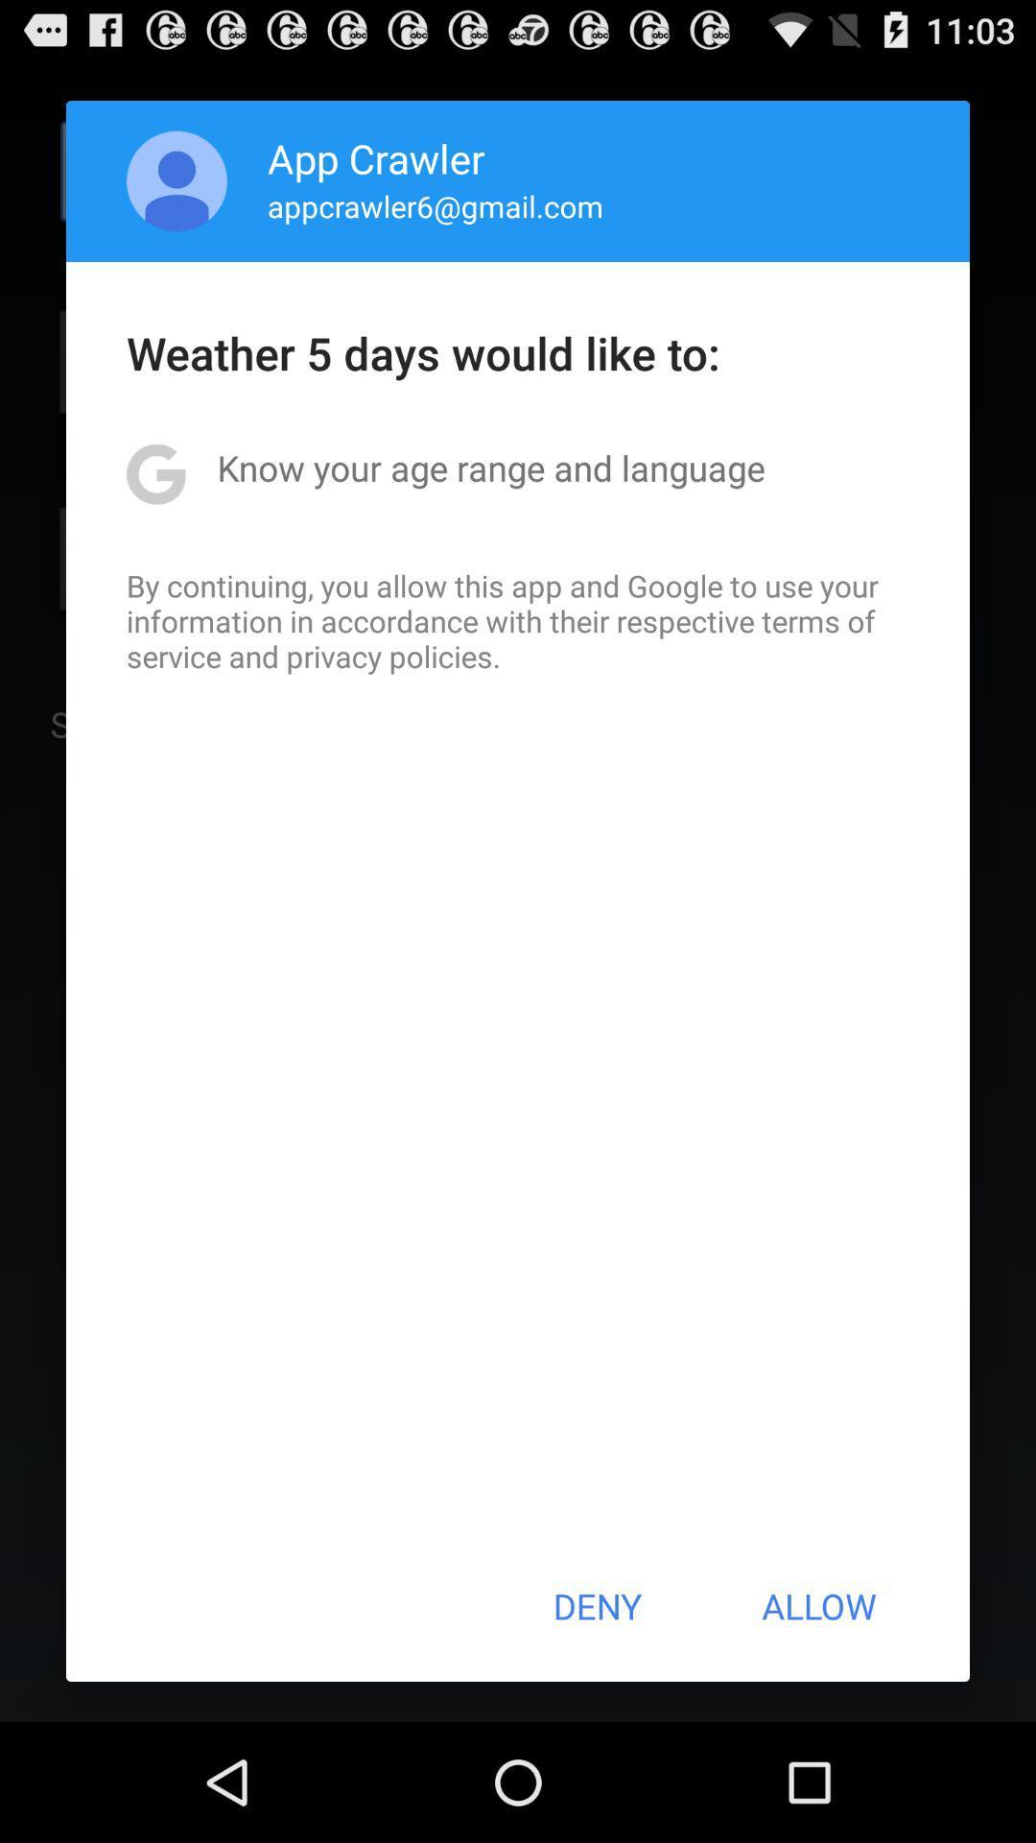 This screenshot has height=1843, width=1036. Describe the element at coordinates (436, 205) in the screenshot. I see `the item above the weather 5 days` at that location.